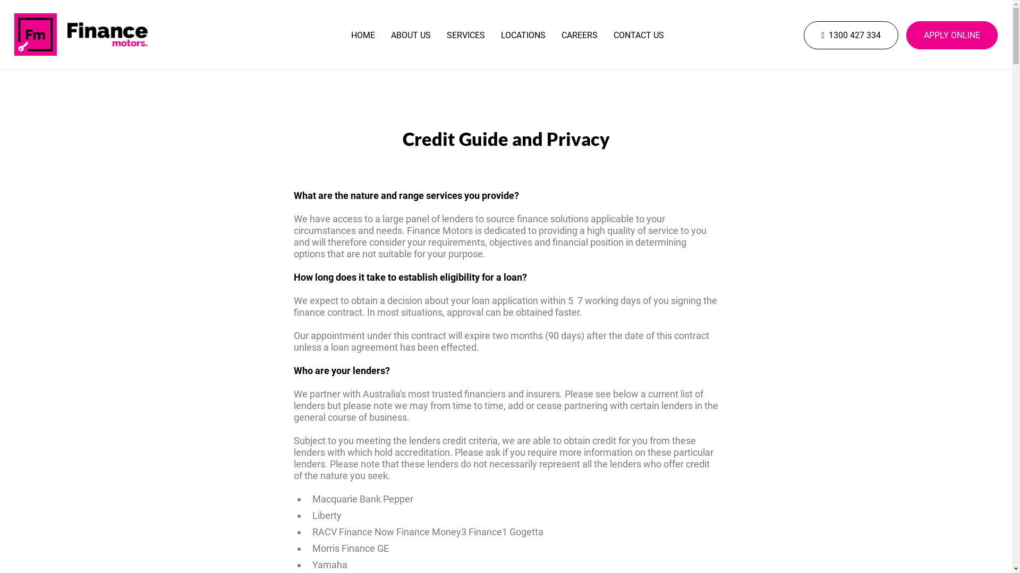 The width and height of the screenshot is (1020, 573). What do you see at coordinates (410, 34) in the screenshot?
I see `'ABOUT US'` at bounding box center [410, 34].